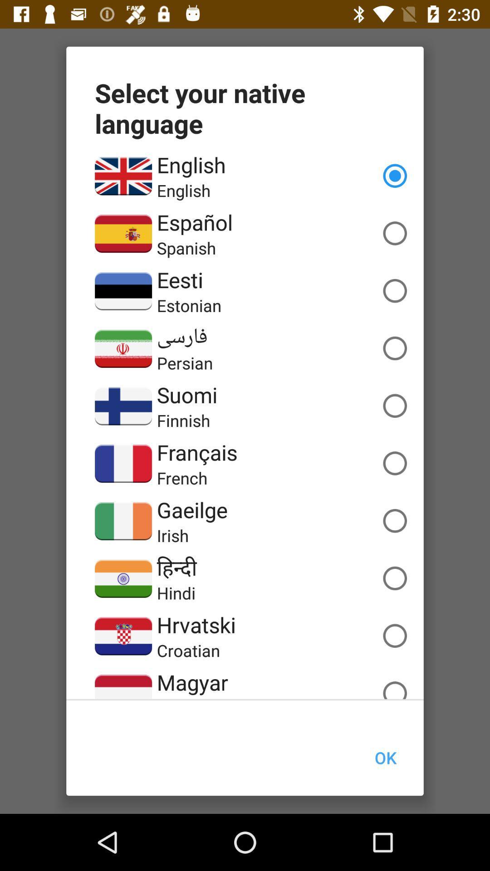 This screenshot has height=871, width=490. What do you see at coordinates (186, 395) in the screenshot?
I see `the suomi icon` at bounding box center [186, 395].